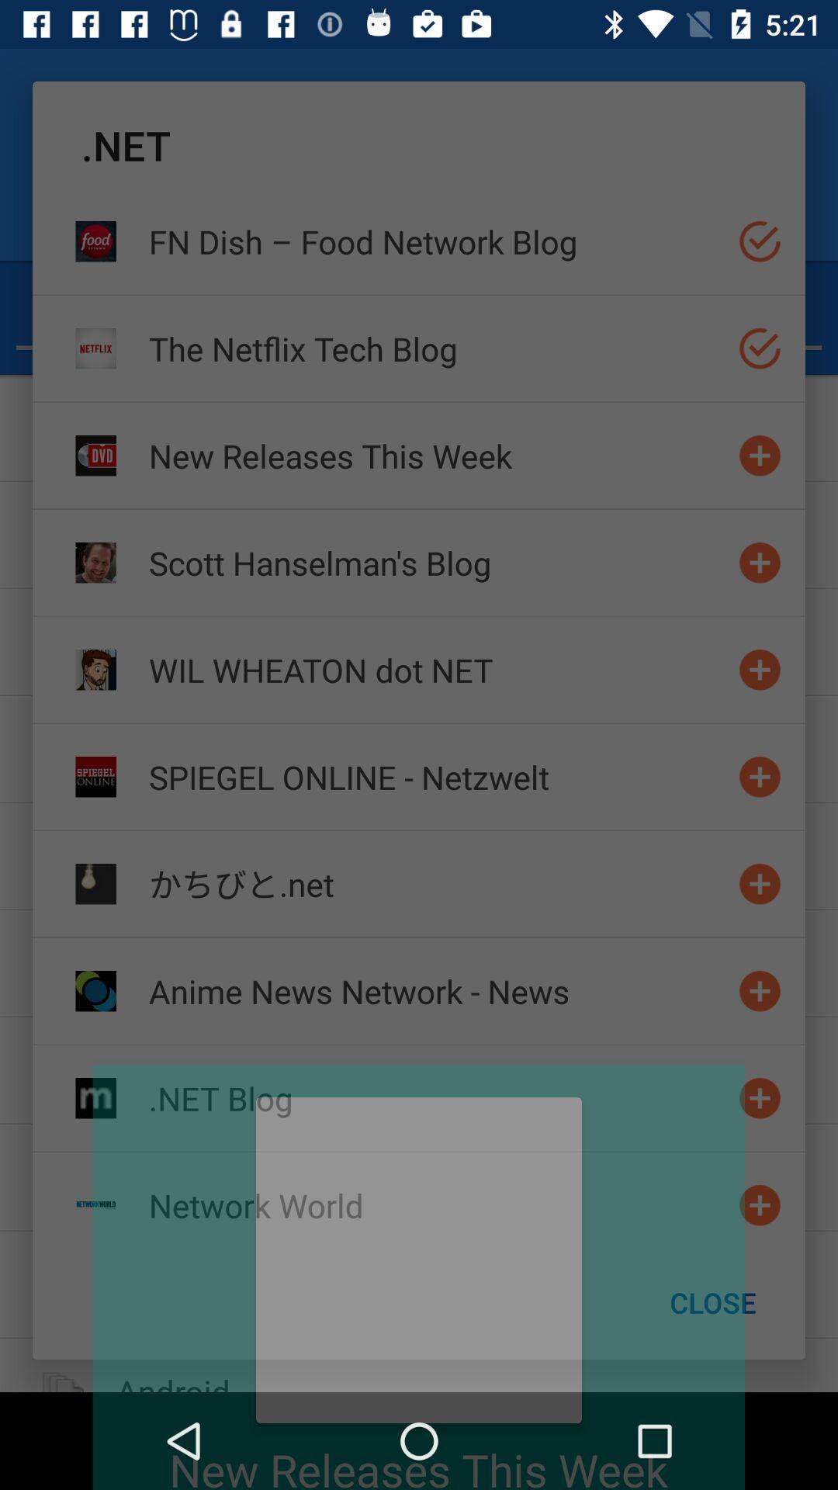  Describe the element at coordinates (437, 1204) in the screenshot. I see `item above the close` at that location.